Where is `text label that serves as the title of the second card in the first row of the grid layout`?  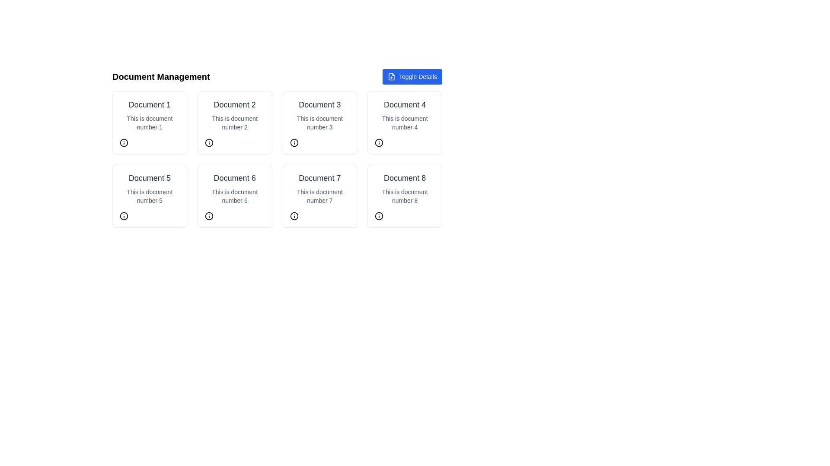 text label that serves as the title of the second card in the first row of the grid layout is located at coordinates (235, 104).